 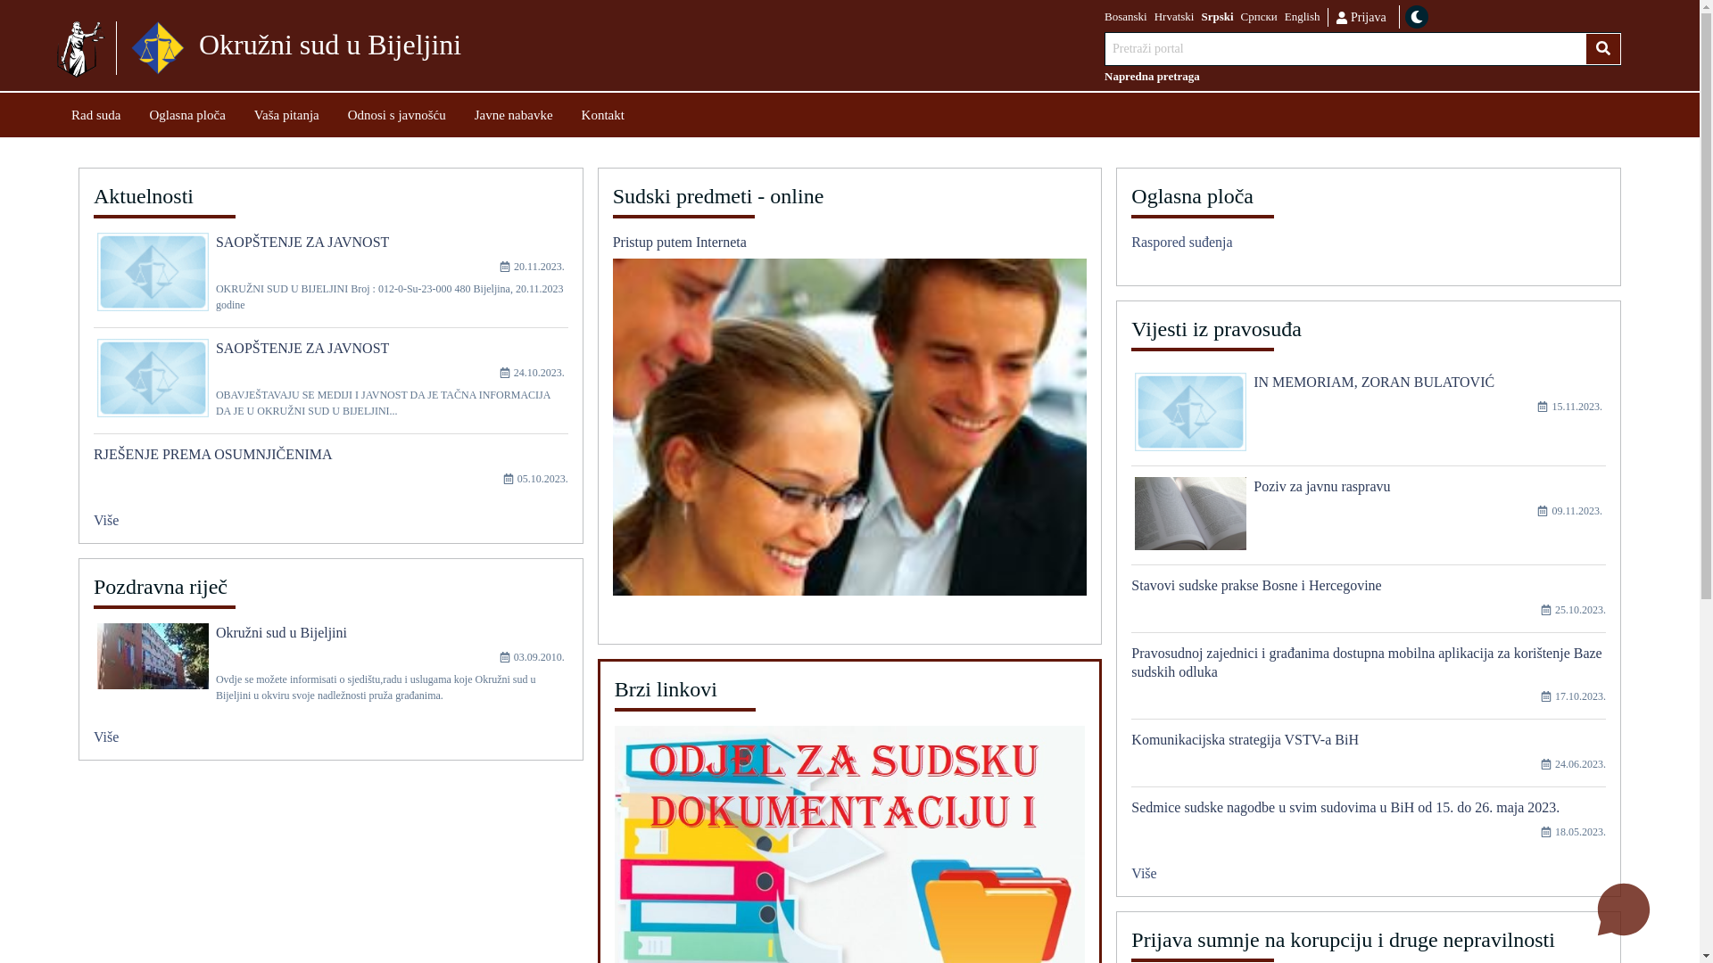 I want to click on 'Javne nabavke', so click(x=513, y=114).